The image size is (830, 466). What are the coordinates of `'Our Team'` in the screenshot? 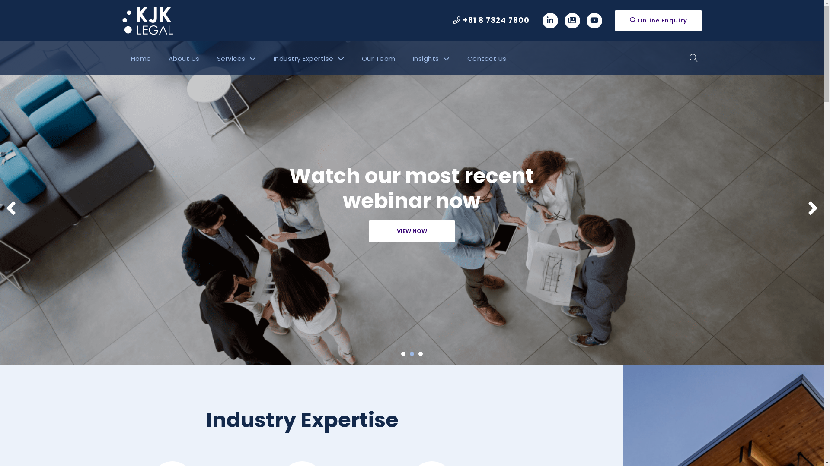 It's located at (378, 58).